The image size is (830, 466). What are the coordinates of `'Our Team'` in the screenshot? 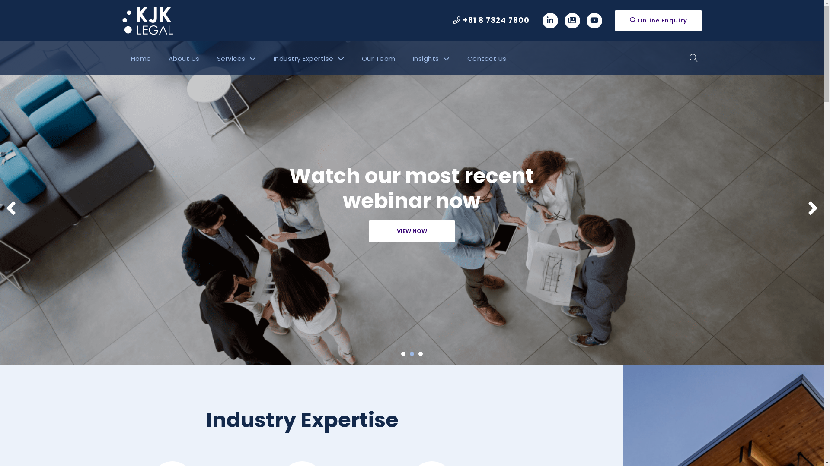 It's located at (378, 58).